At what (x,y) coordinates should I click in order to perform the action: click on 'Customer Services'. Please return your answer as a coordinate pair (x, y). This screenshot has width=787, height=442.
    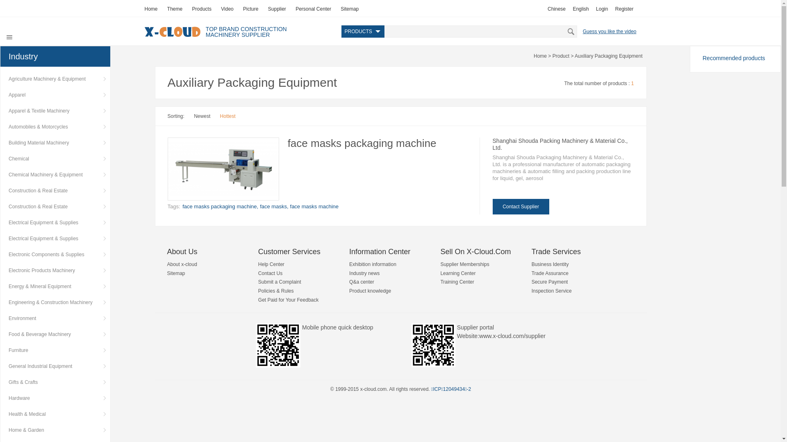
    Looking at the image, I should click on (289, 251).